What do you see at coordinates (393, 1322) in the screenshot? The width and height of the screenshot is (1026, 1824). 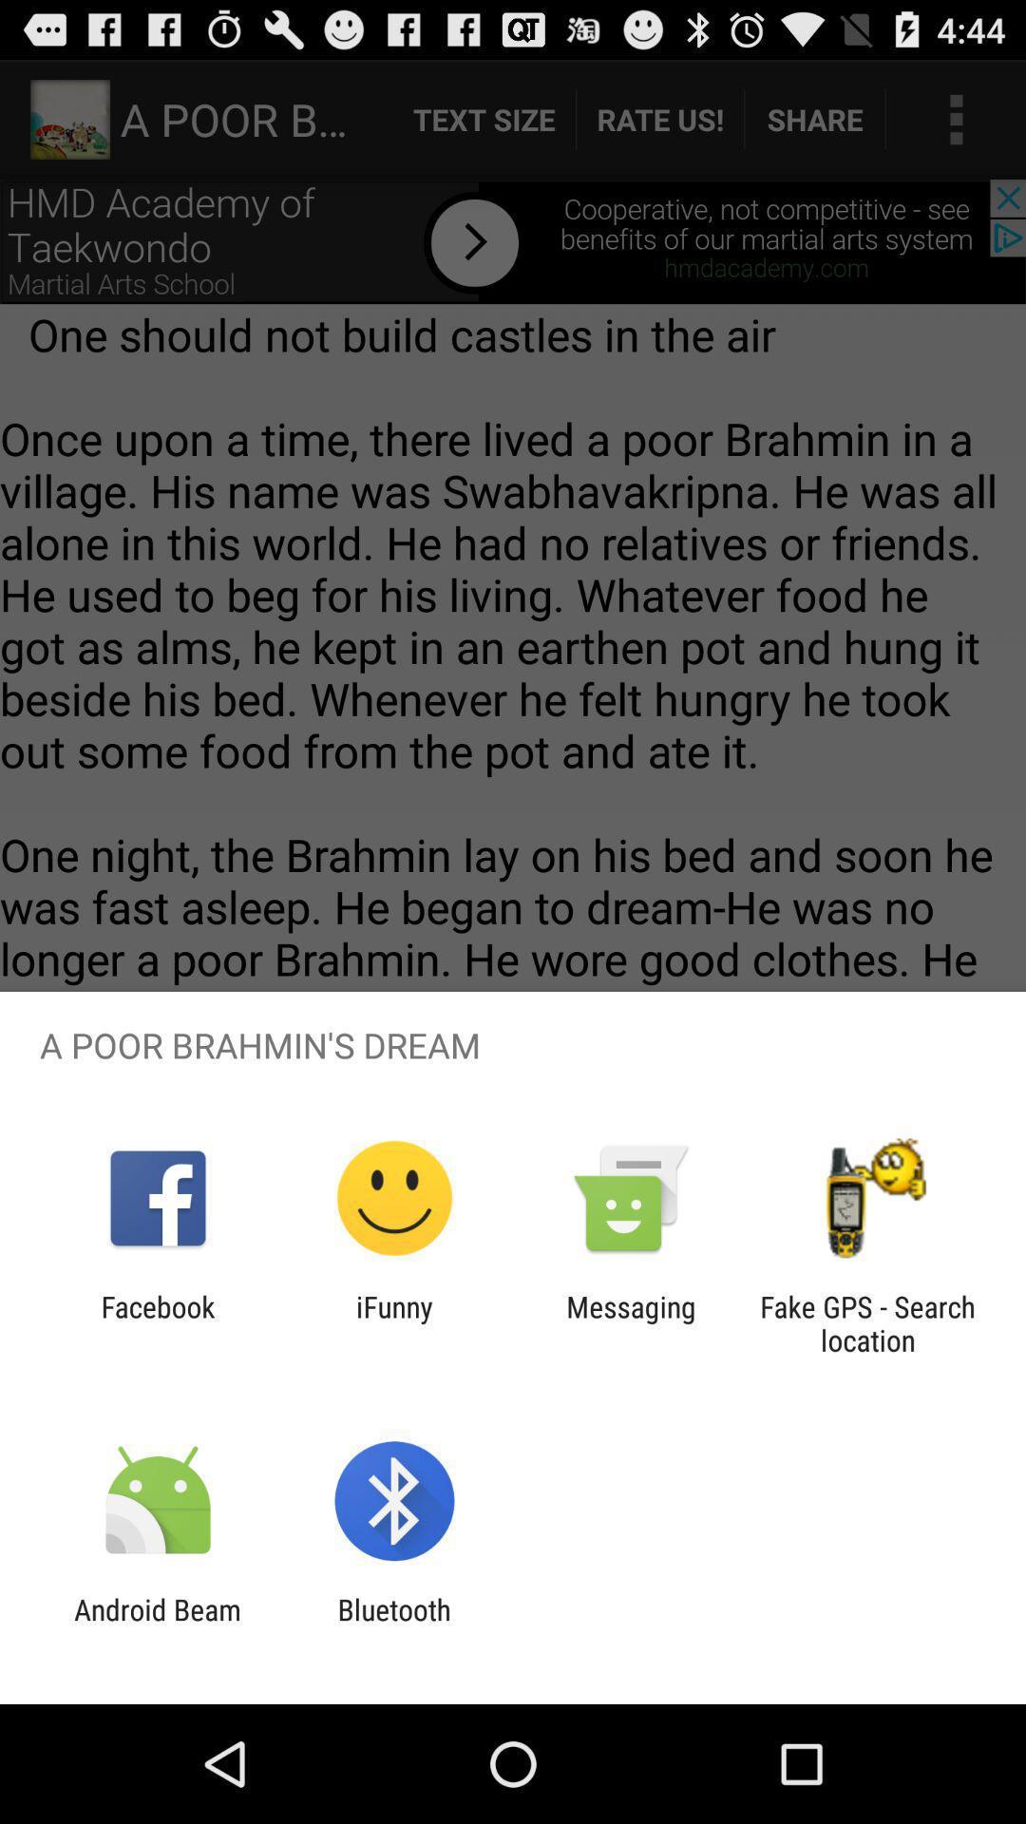 I see `ifunny app` at bounding box center [393, 1322].